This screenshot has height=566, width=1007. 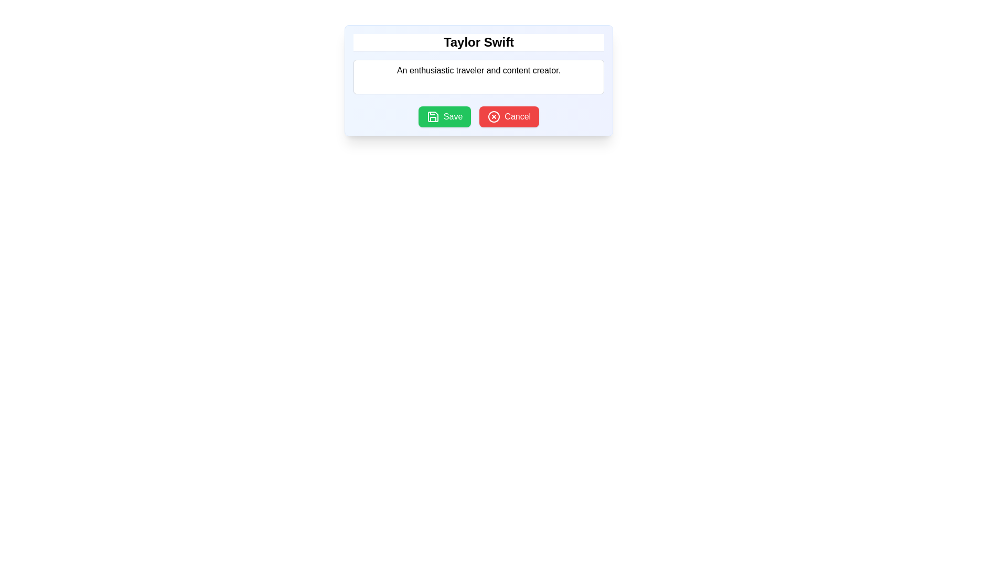 I want to click on the 'Cancel' button that contains the icon indicating its purpose, located at the bottom center of the dialog box, so click(x=493, y=117).